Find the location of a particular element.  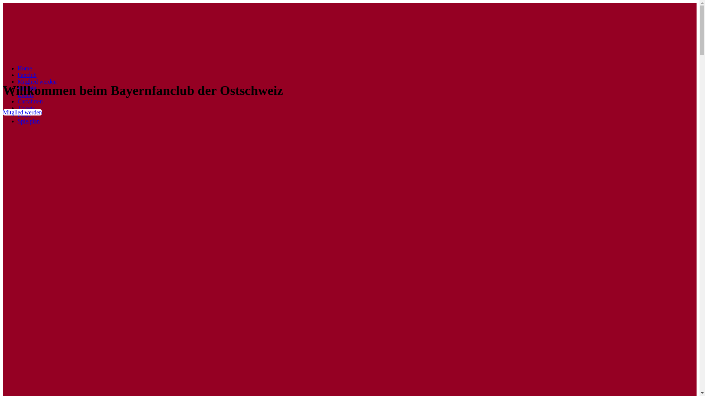

'Fanclub' is located at coordinates (27, 75).